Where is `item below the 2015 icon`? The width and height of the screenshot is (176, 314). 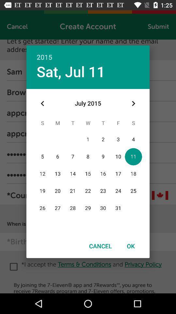
item below the 2015 icon is located at coordinates (70, 71).